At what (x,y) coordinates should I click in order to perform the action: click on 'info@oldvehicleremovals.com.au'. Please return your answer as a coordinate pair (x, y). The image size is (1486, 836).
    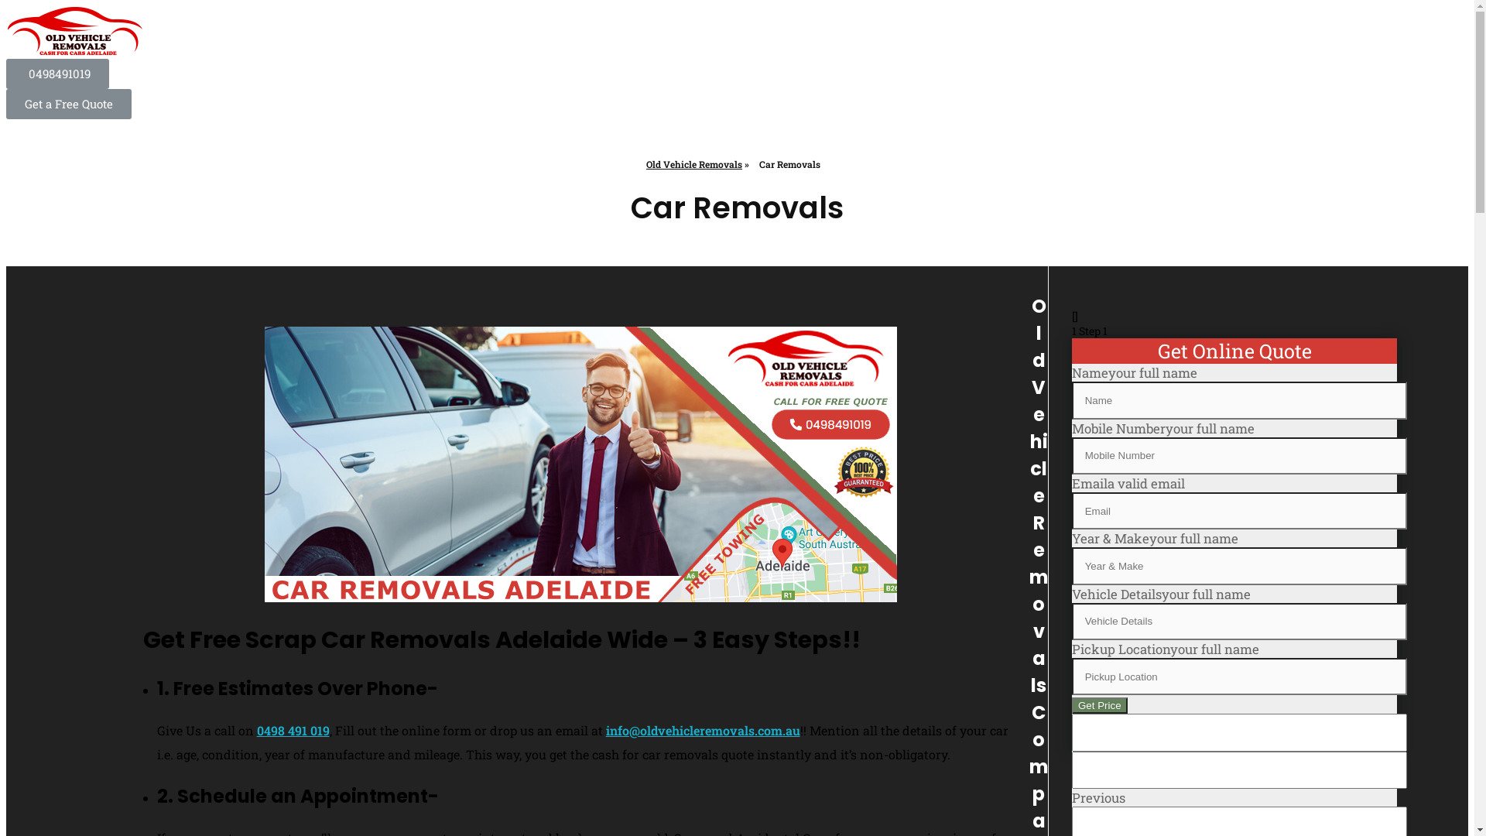
    Looking at the image, I should click on (702, 730).